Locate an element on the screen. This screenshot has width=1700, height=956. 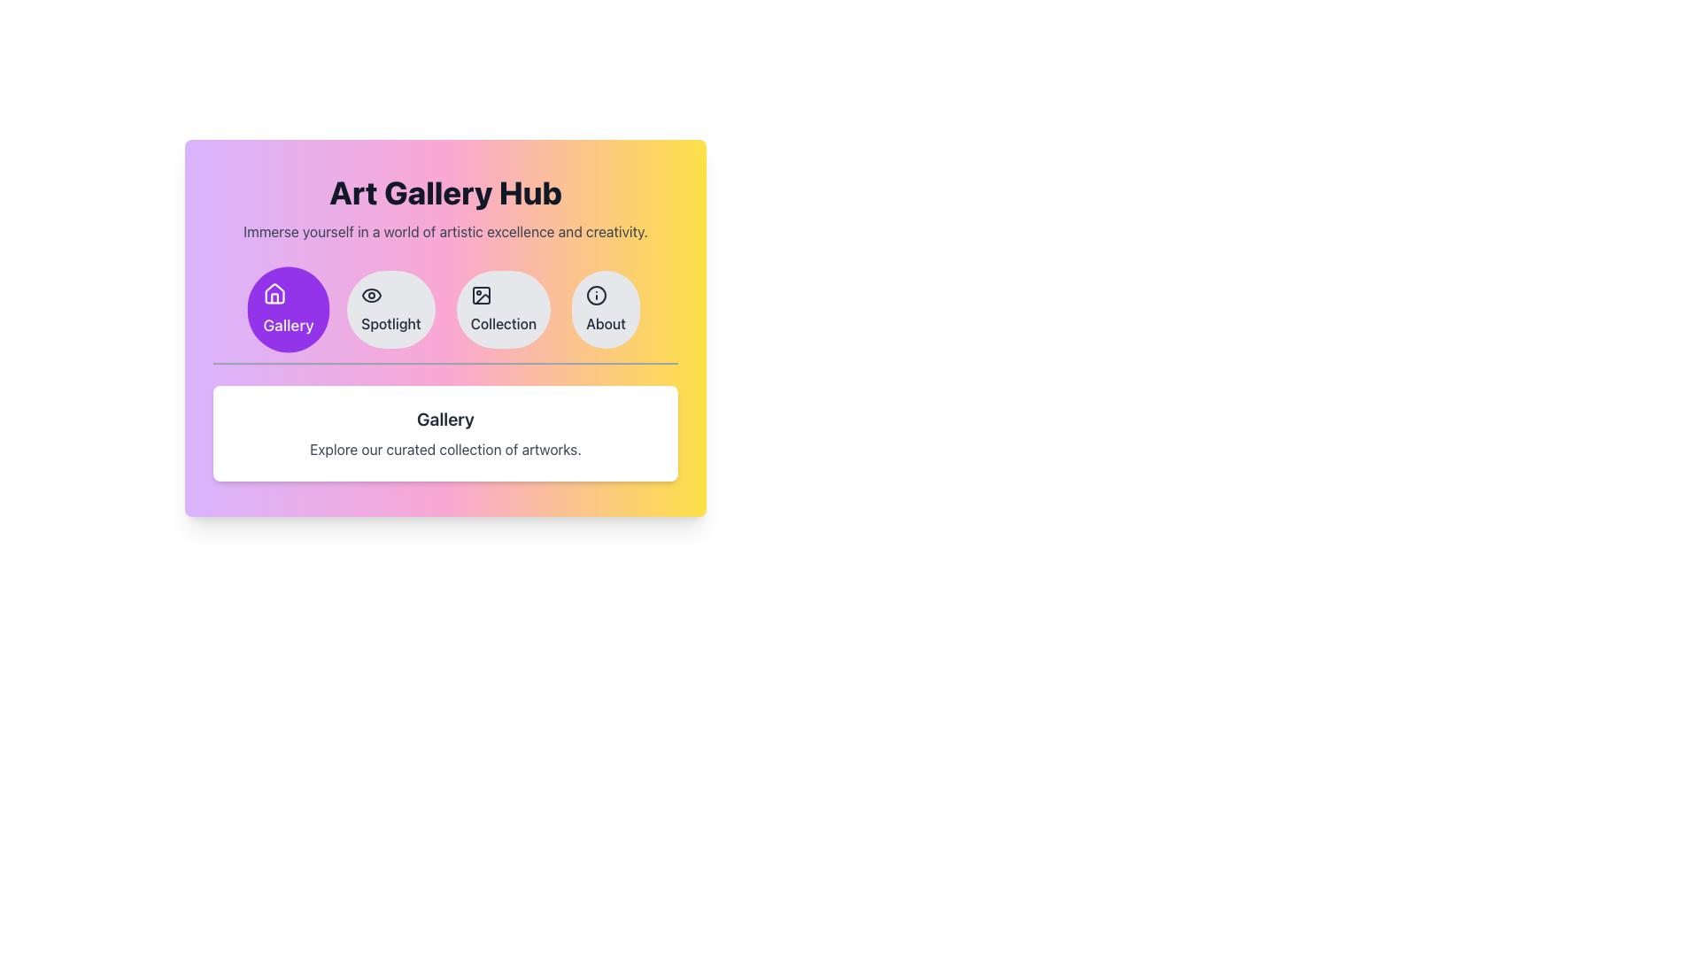
the Navigation Menu located in the center region of the card component titled 'Art Gallery Hub' to receive additional feedback is located at coordinates (445, 316).